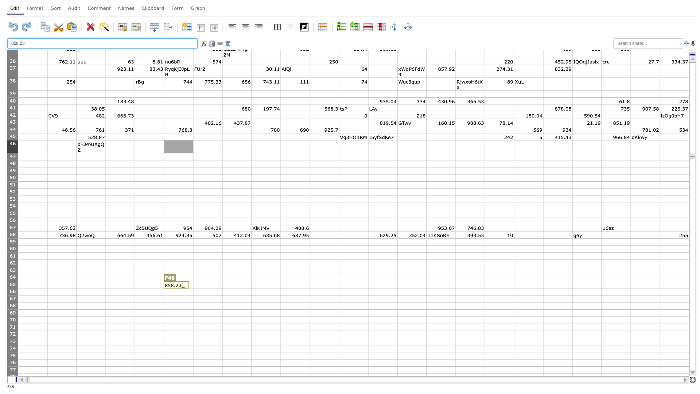 This screenshot has width=700, height=394. I want to click on Place cursor on fill handle point of G66, so click(222, 295).